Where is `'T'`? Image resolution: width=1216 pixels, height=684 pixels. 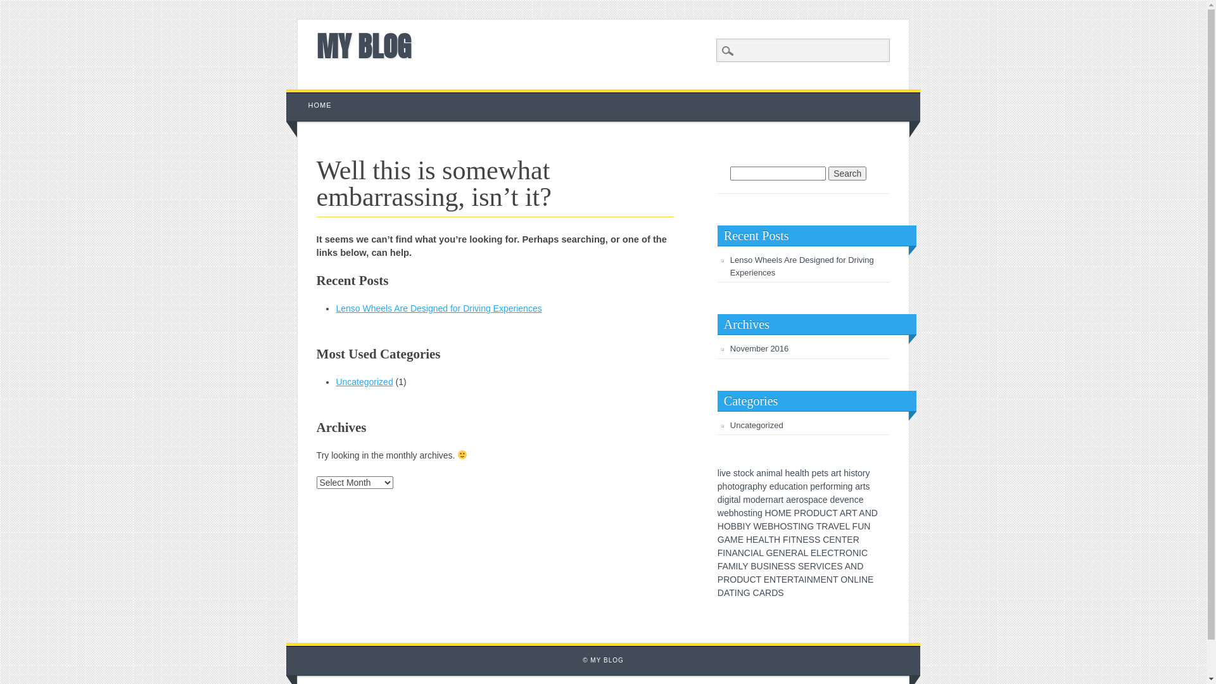
'T' is located at coordinates (795, 579).